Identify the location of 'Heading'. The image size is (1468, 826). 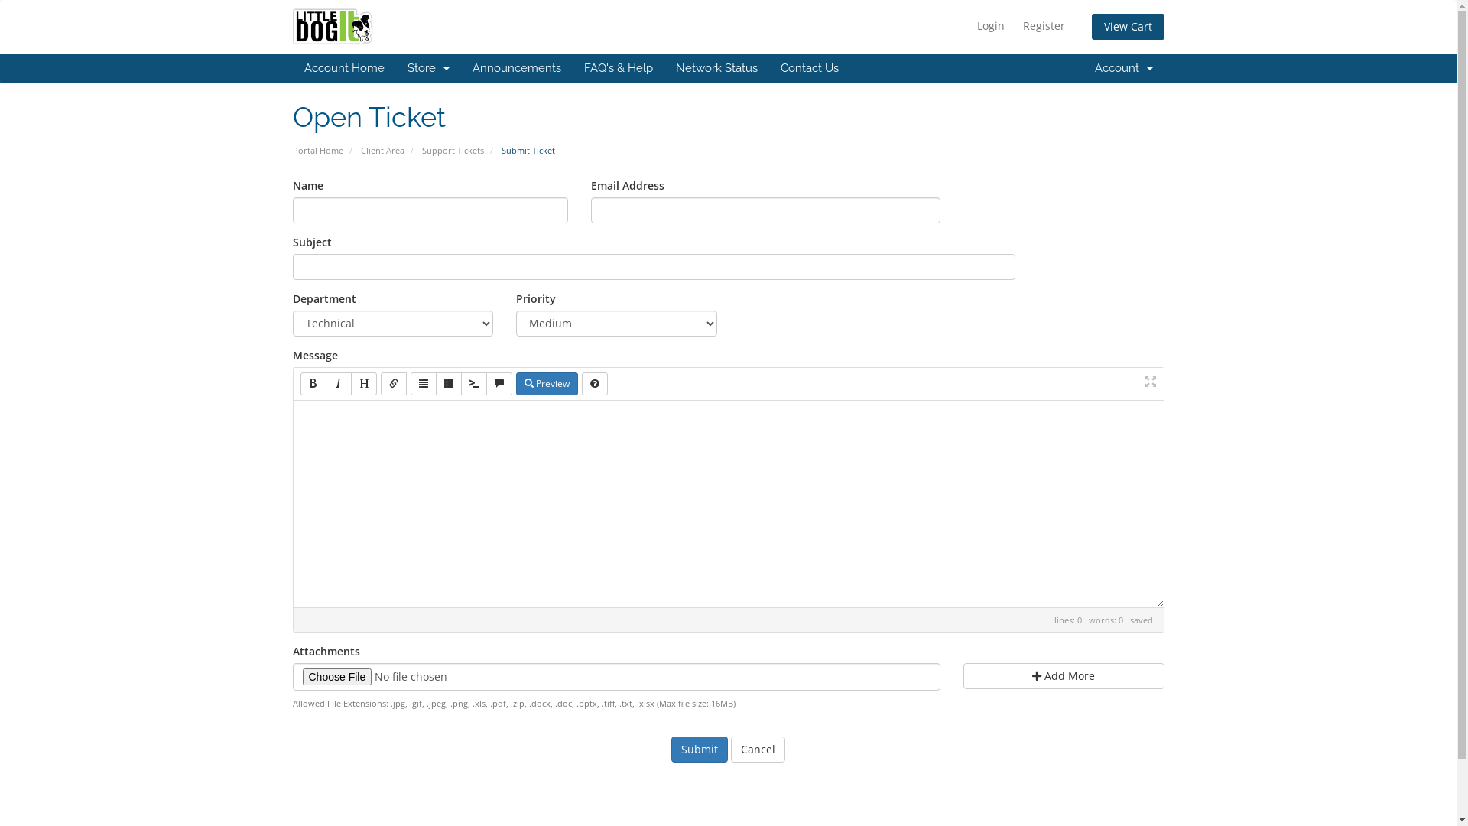
(362, 382).